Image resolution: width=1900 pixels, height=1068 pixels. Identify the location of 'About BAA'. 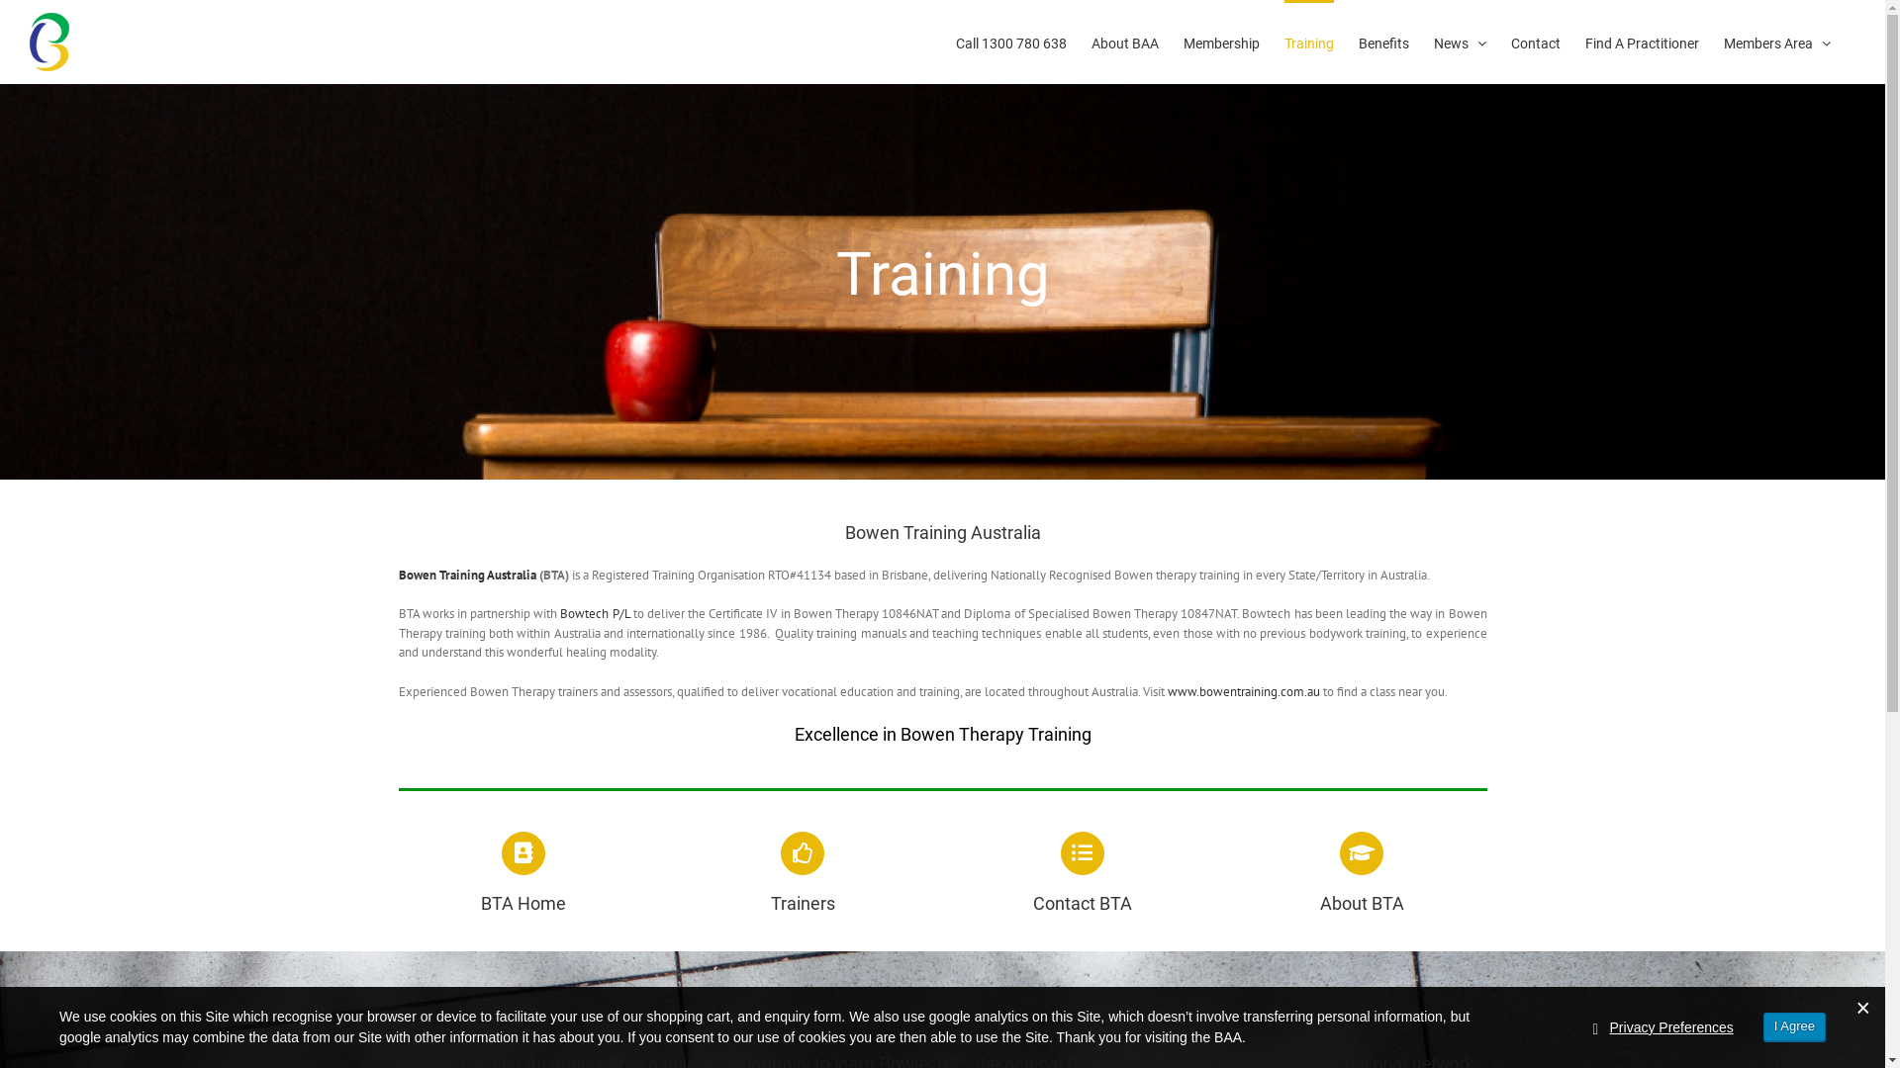
(1125, 42).